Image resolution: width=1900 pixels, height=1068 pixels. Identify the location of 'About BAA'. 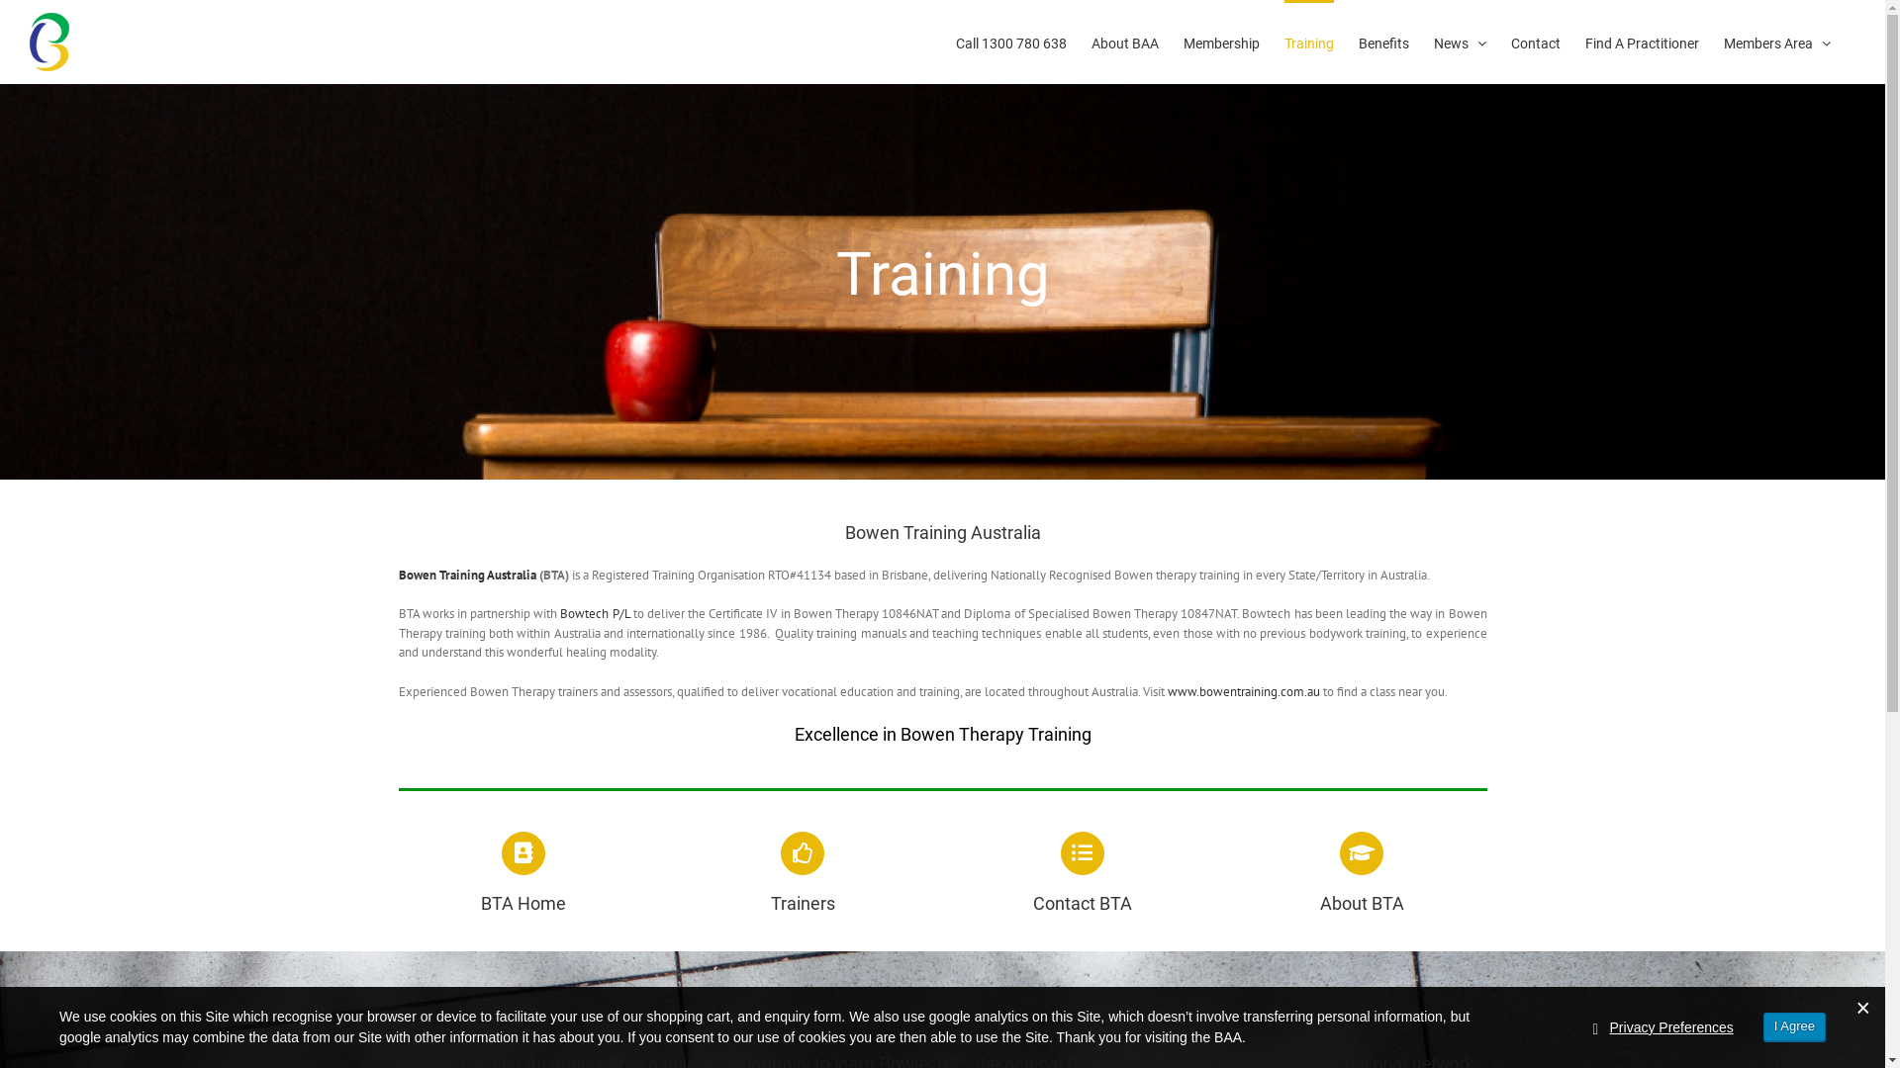
(1125, 42).